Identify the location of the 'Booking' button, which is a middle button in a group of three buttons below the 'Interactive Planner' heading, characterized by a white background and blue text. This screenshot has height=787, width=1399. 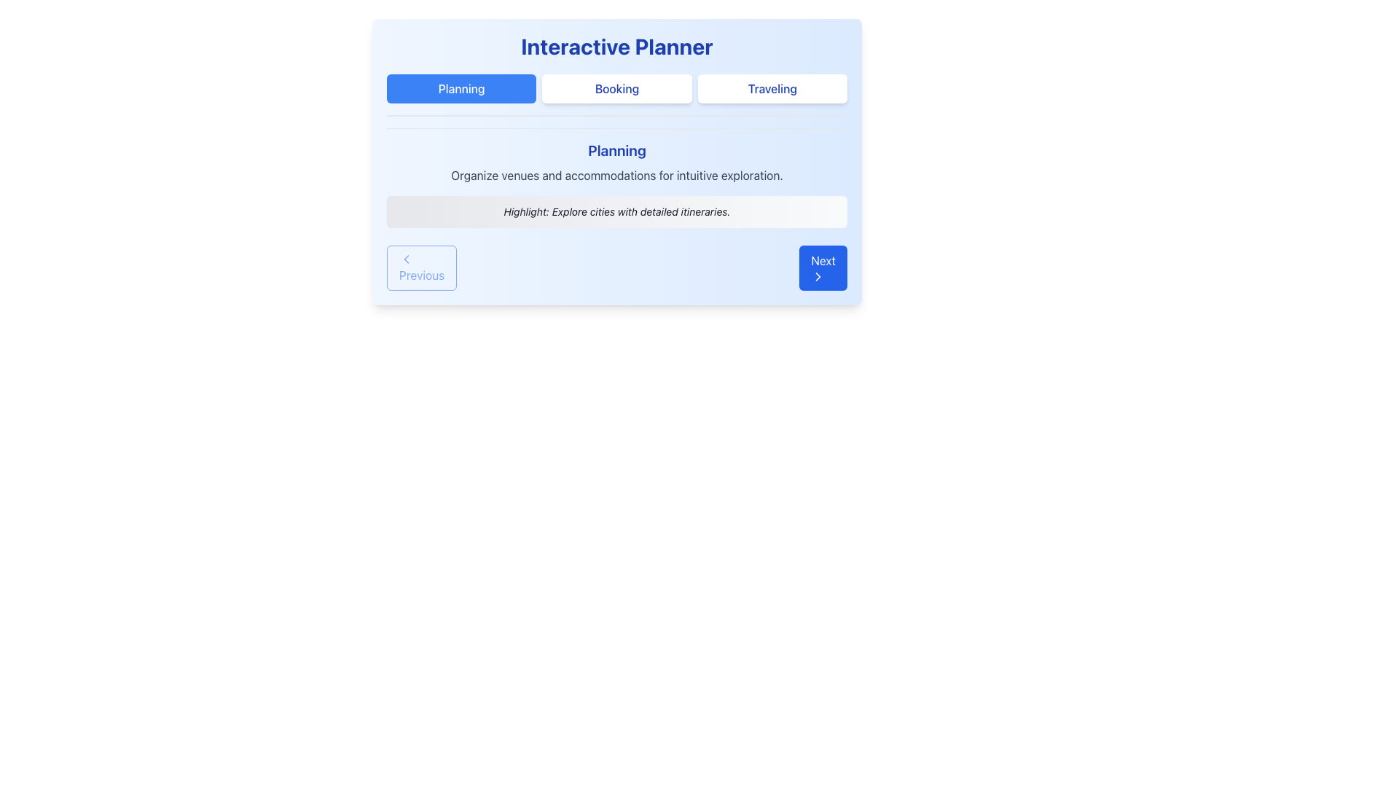
(616, 95).